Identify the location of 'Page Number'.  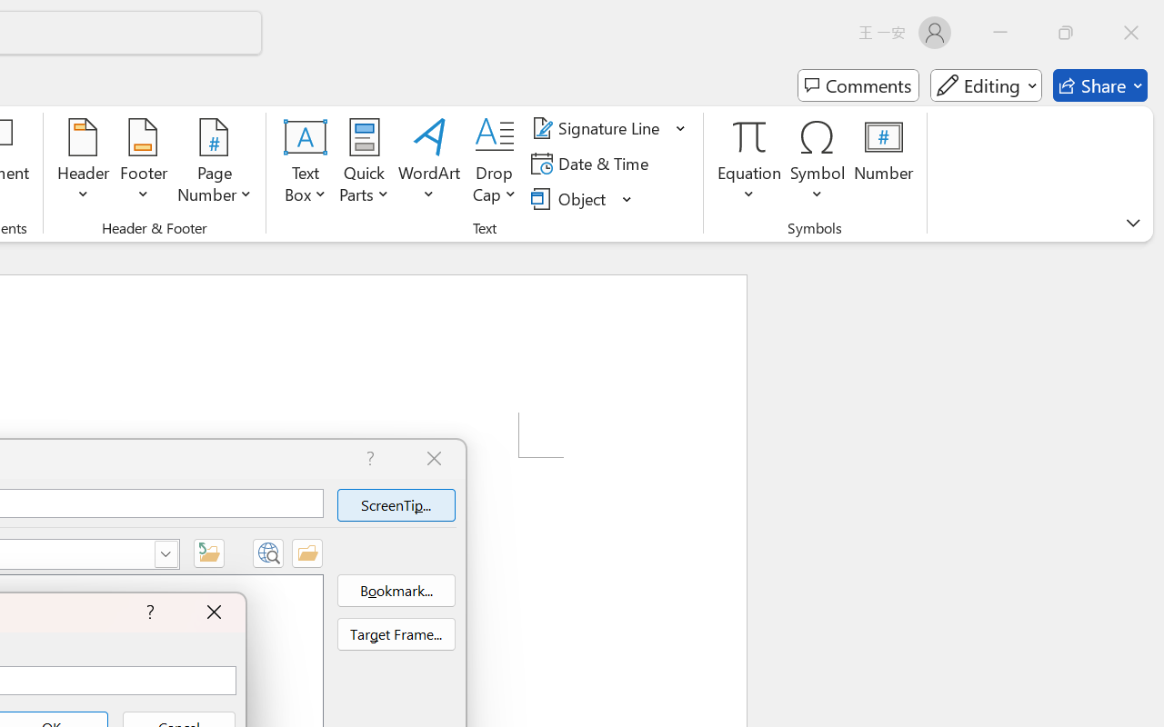
(215, 163).